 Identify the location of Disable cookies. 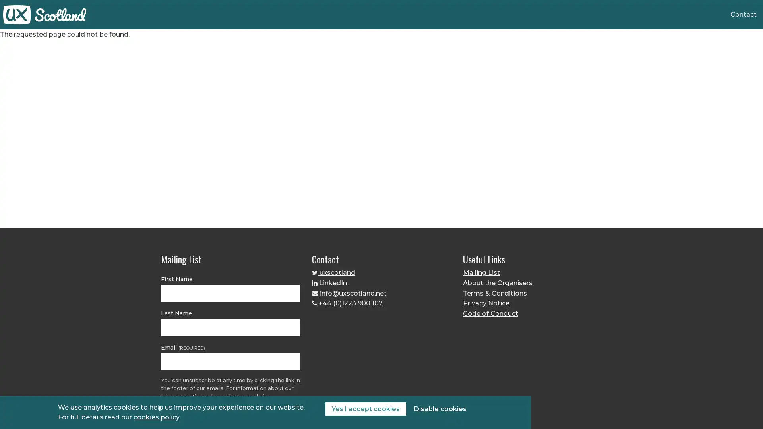
(440, 409).